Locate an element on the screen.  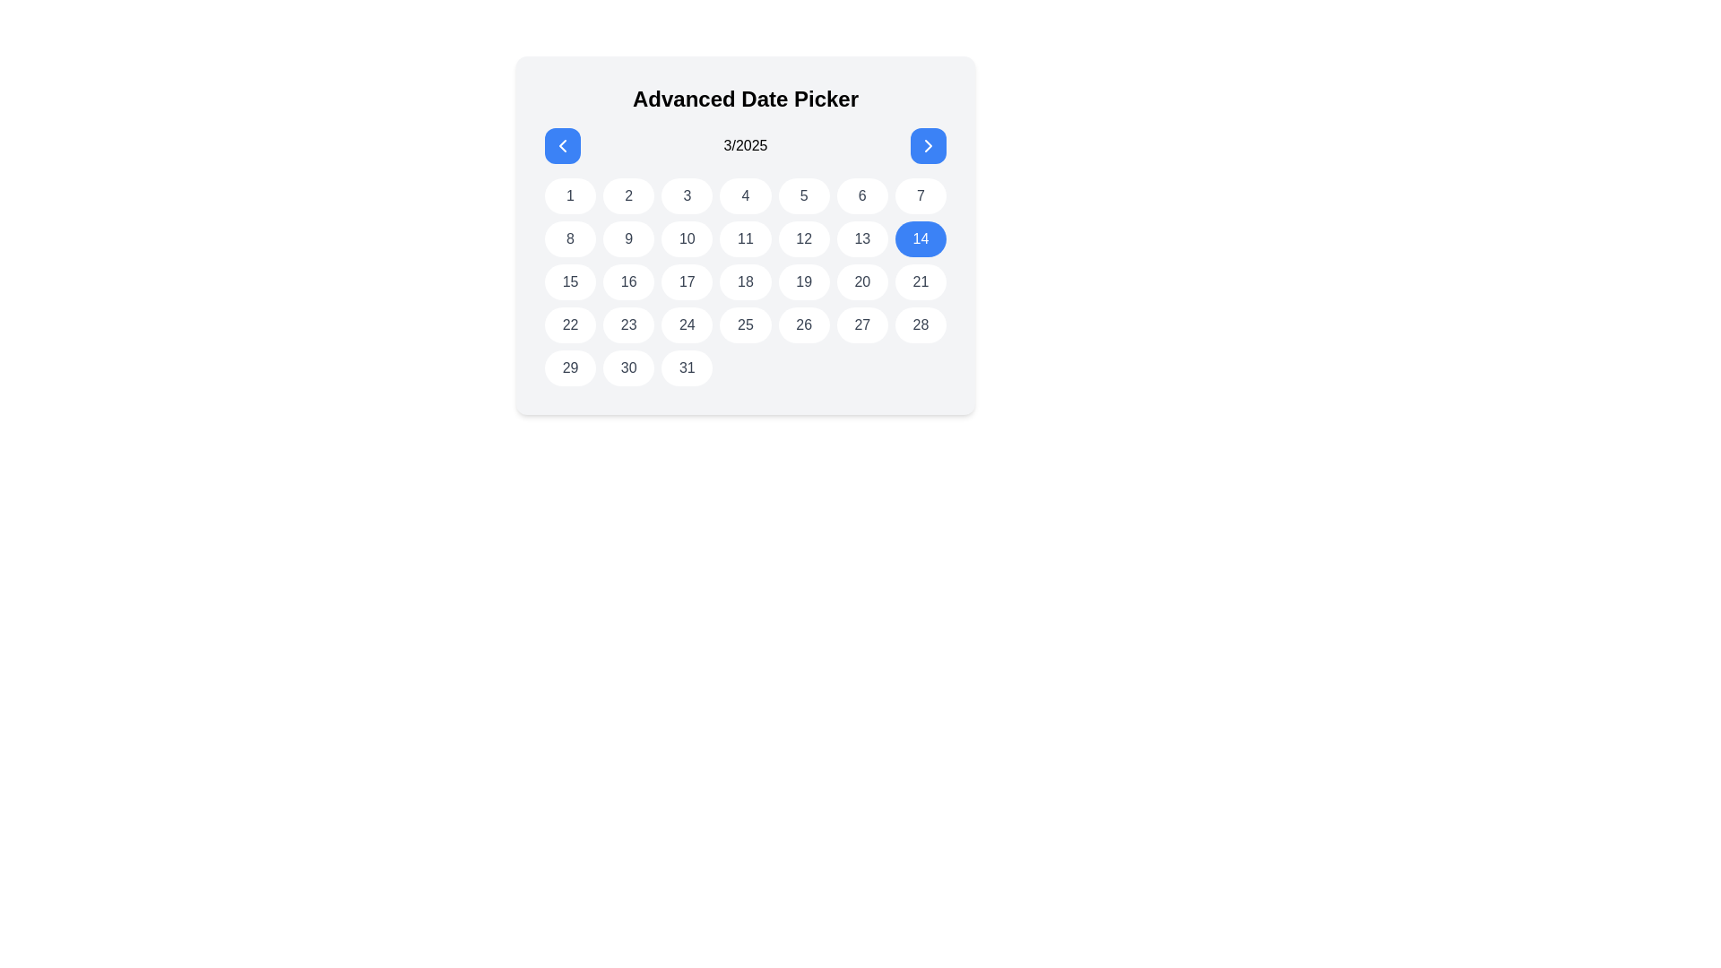
the button representing the date '2nd March 2025' in the advanced date picker interface for keyboard navigation is located at coordinates (628, 196).